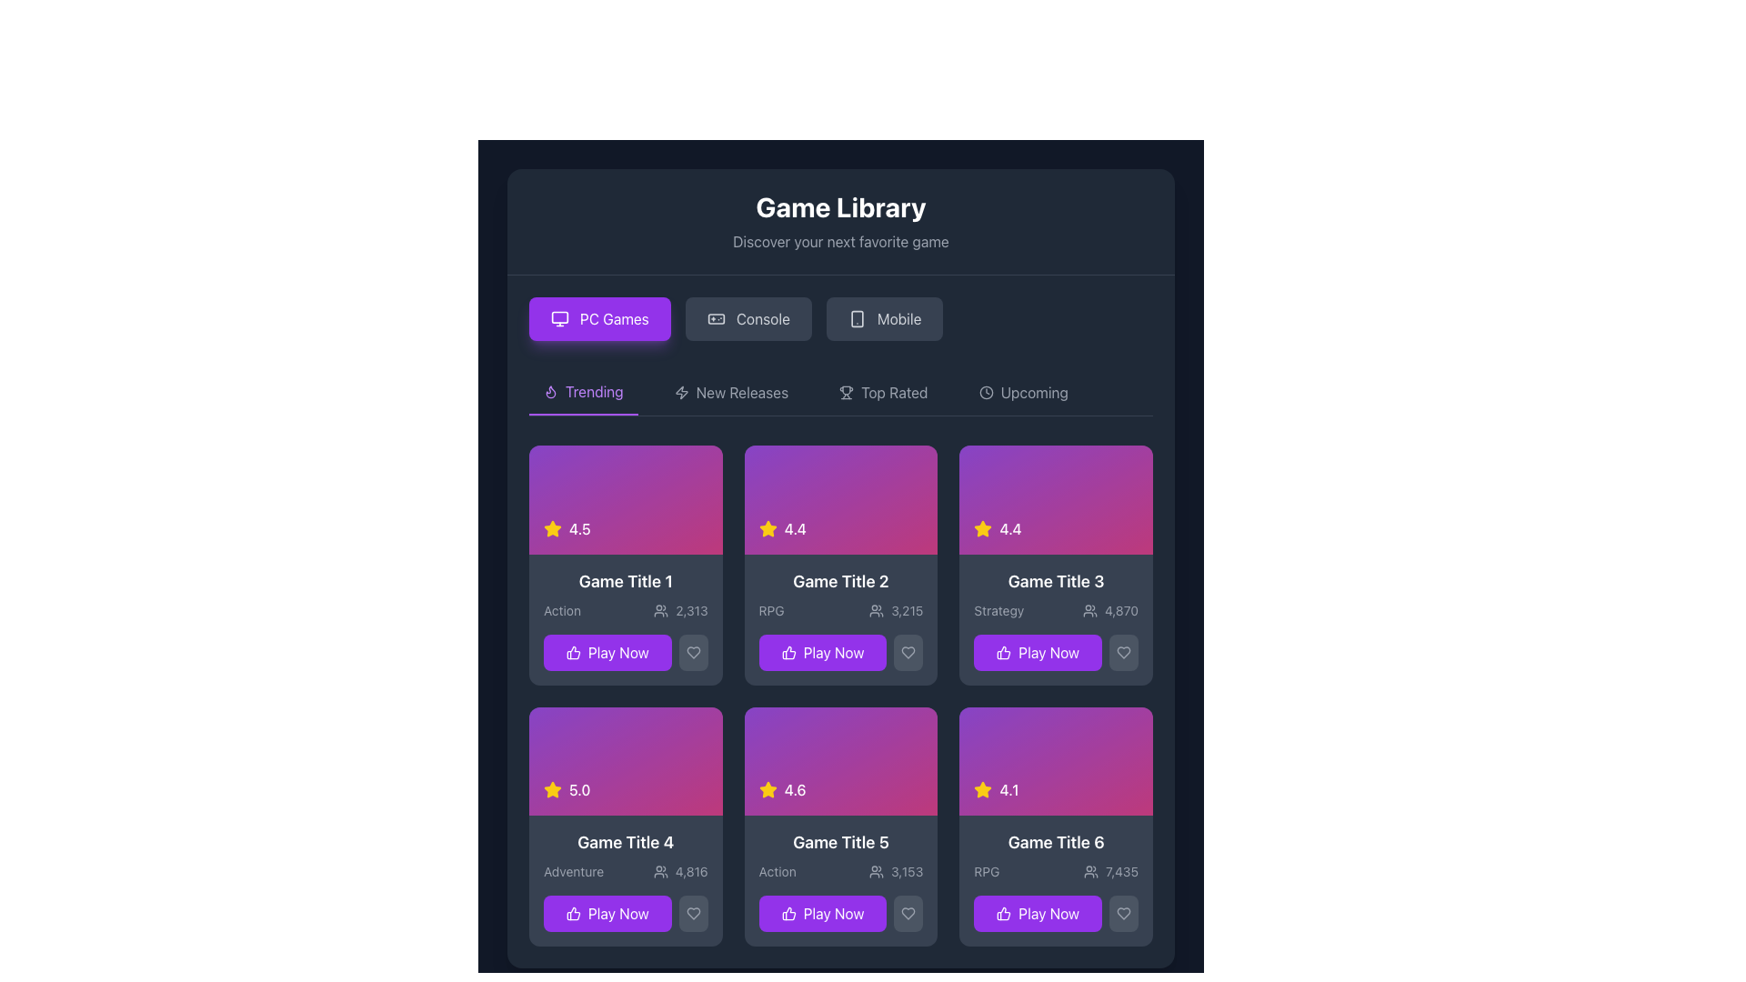 Image resolution: width=1746 pixels, height=982 pixels. I want to click on the 'Play Now' button on the Game information card for 'Game Title 5' which is located in the second row and second column of the game cards in the 'Game Library' section, so click(840, 880).